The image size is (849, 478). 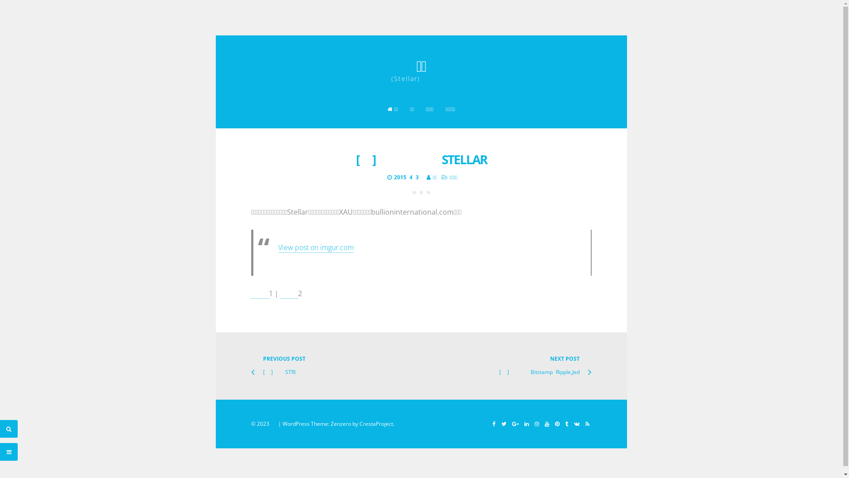 I want to click on 'Pinterest', so click(x=556, y=423).